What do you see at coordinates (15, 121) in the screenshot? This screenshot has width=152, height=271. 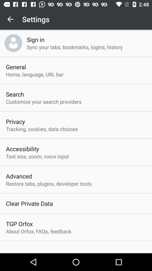 I see `privacy` at bounding box center [15, 121].